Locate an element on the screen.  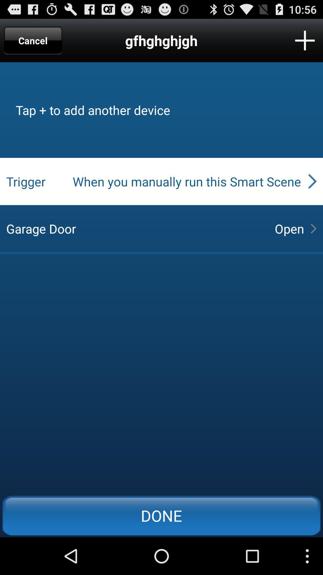
device is located at coordinates (305, 40).